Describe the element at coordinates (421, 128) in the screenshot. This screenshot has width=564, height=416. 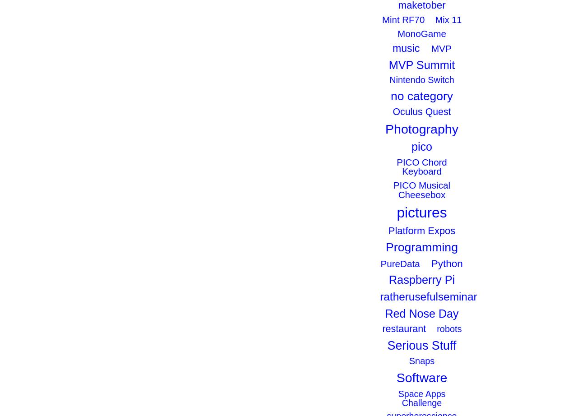
I see `'Photography'` at that location.